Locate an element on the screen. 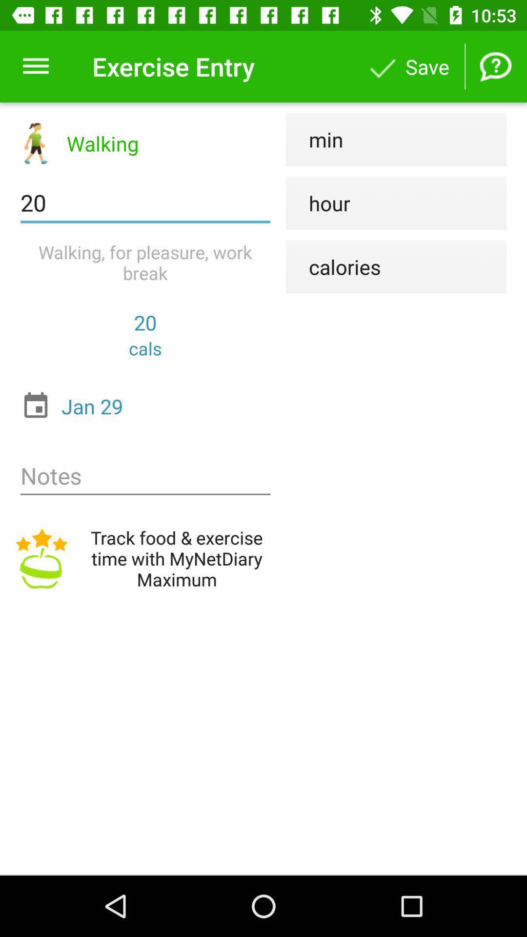  icon above track food exercise item is located at coordinates (145, 476).